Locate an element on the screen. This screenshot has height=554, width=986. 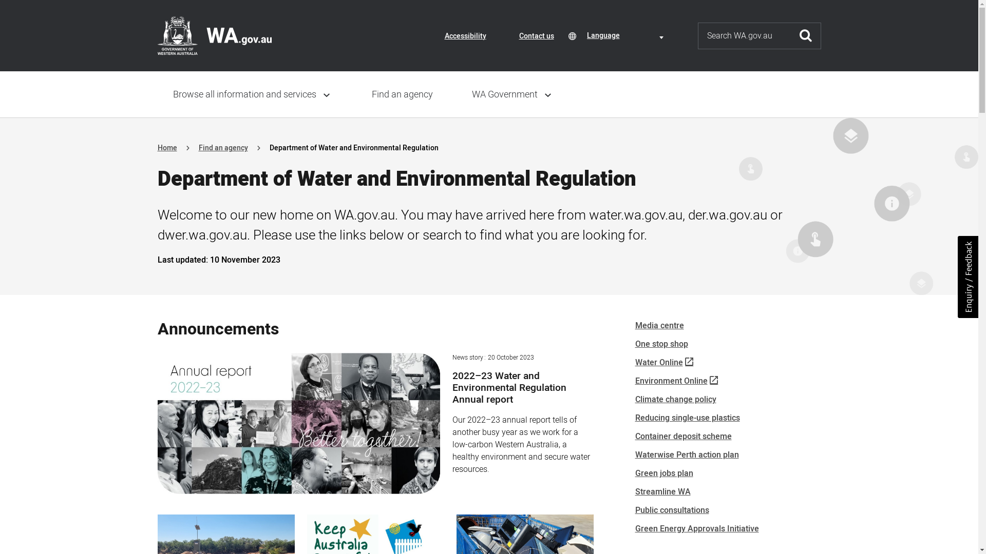
'WA Government' is located at coordinates (513, 94).